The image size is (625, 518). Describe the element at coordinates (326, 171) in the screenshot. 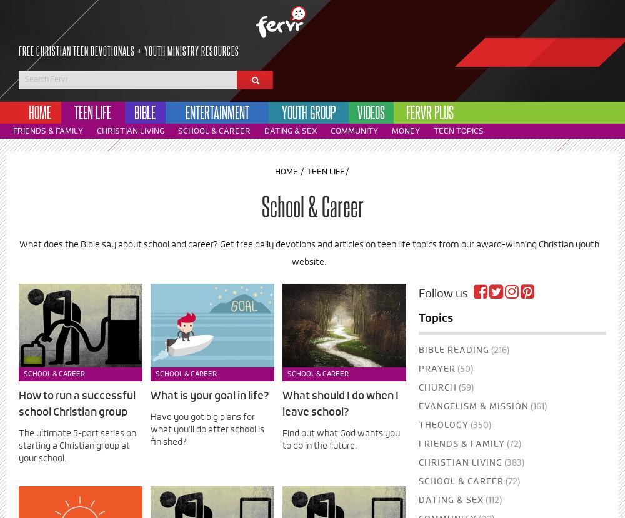

I see `'Teen Life'` at that location.